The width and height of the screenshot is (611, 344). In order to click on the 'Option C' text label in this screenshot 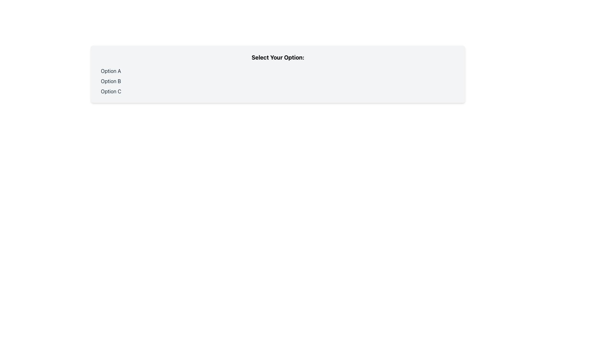, I will do `click(111, 91)`.